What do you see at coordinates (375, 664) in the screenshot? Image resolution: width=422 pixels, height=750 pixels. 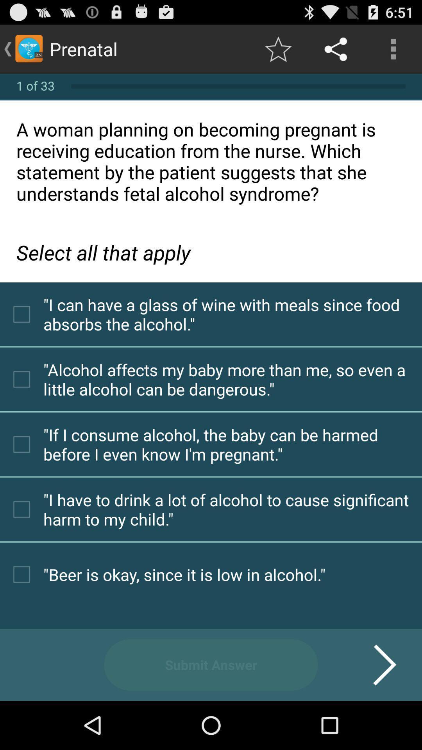 I see `item to the right of submit answer` at bounding box center [375, 664].